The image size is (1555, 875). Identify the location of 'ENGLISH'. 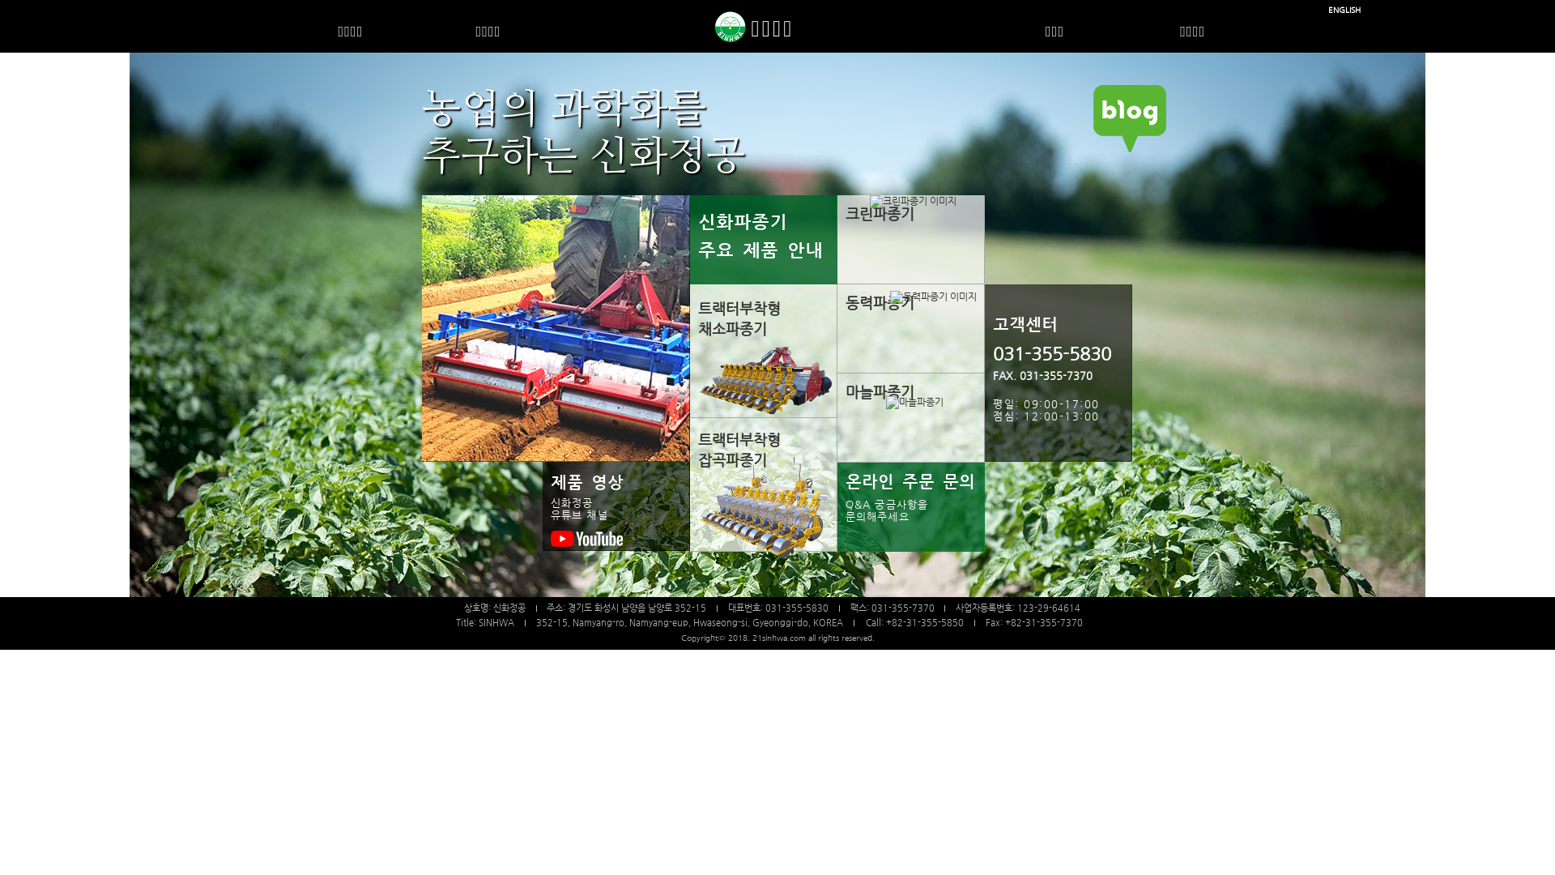
(1328, 10).